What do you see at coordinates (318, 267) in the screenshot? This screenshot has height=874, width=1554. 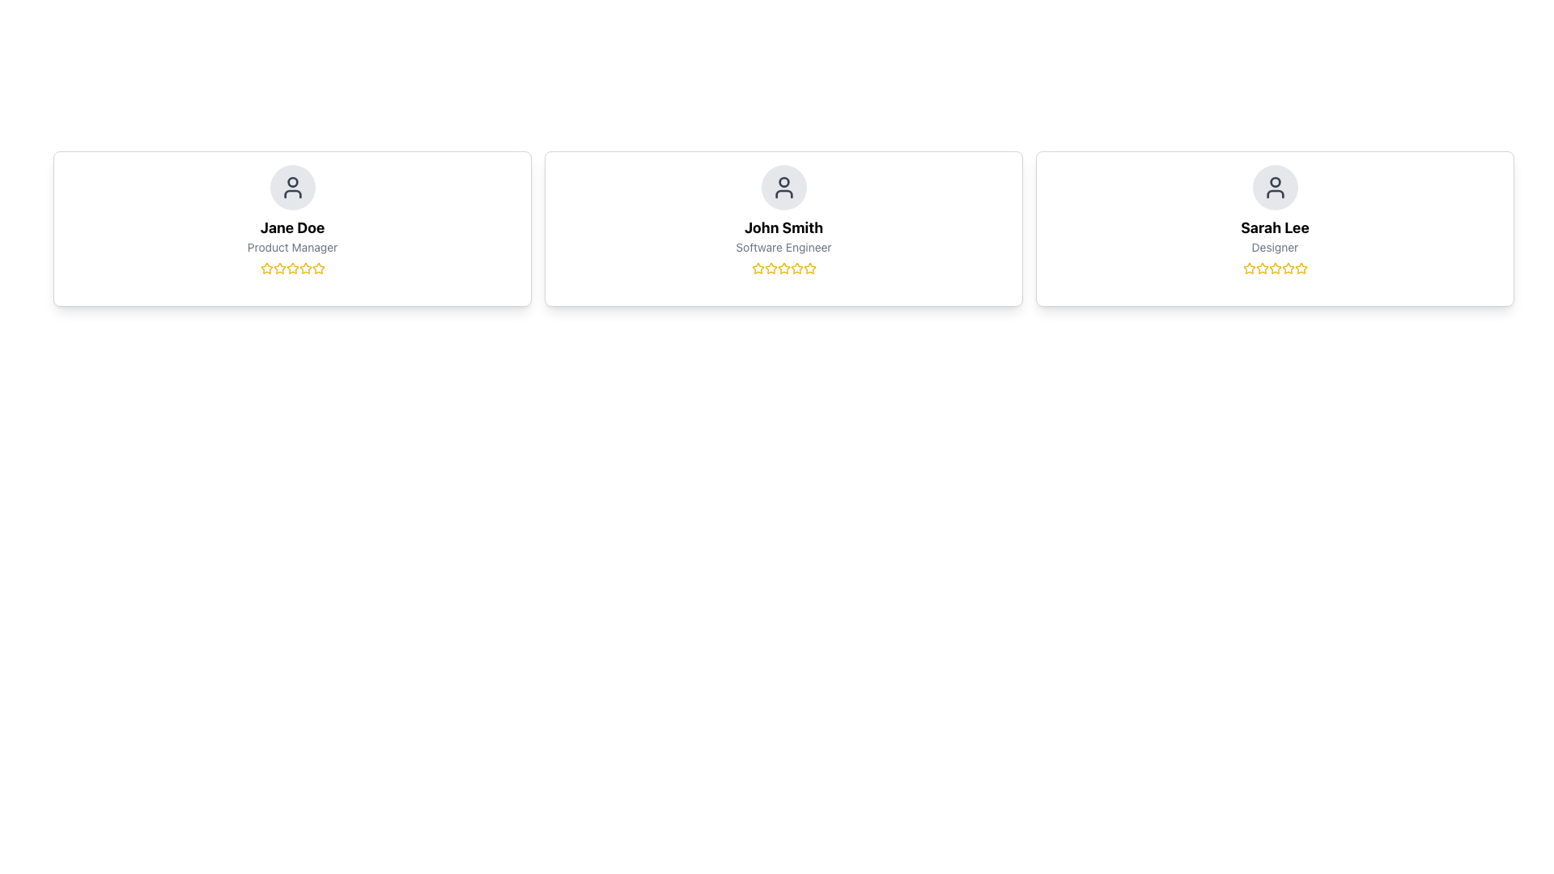 I see `the fifth star icon, which is yellow outlined and located under 'Jane Doe' in the leftmost card of a three-card layout` at bounding box center [318, 267].